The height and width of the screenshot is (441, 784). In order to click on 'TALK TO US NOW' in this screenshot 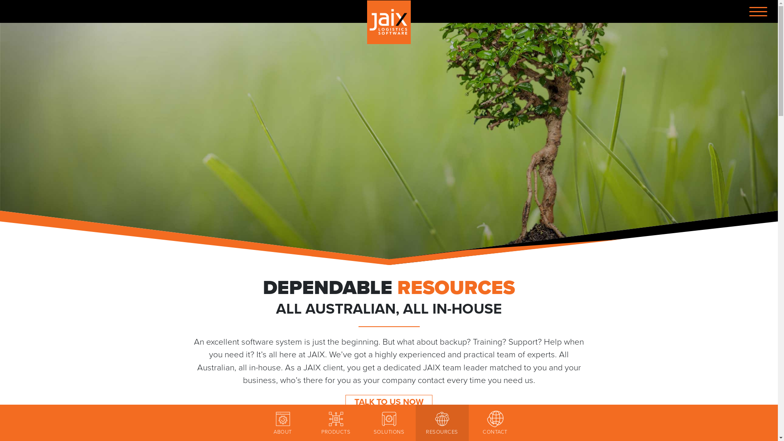, I will do `click(388, 401)`.